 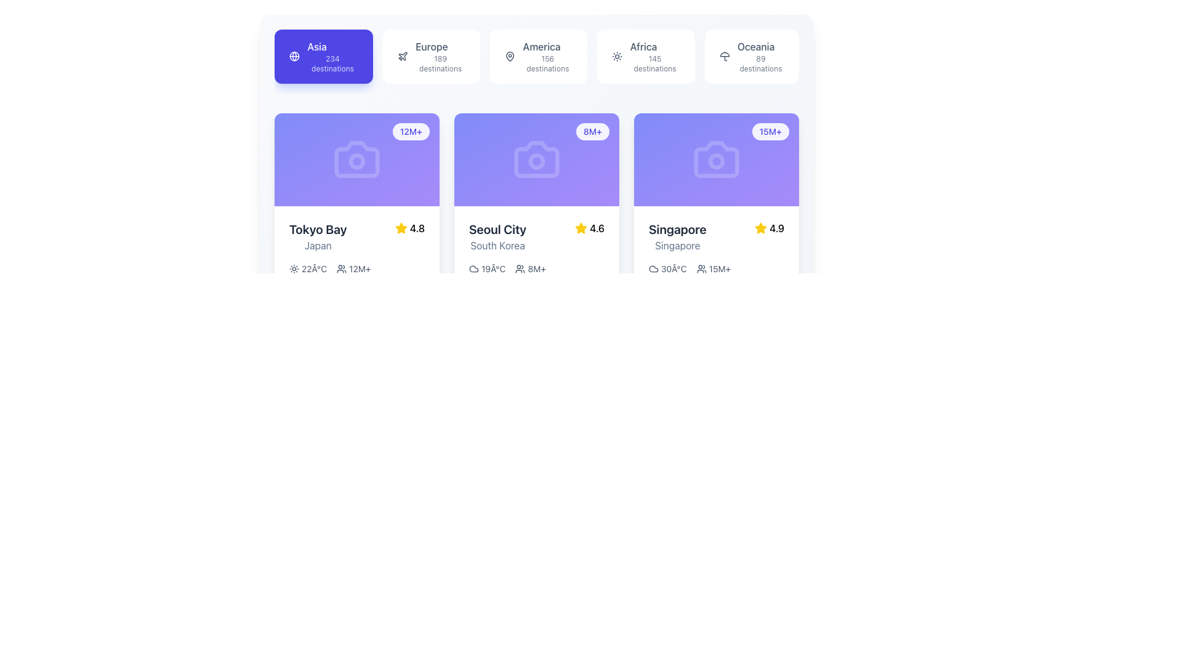 What do you see at coordinates (654, 64) in the screenshot?
I see `the static text label indicating the number of destinations available in the 'Africa' category, positioned below the 'Africa' card title` at bounding box center [654, 64].